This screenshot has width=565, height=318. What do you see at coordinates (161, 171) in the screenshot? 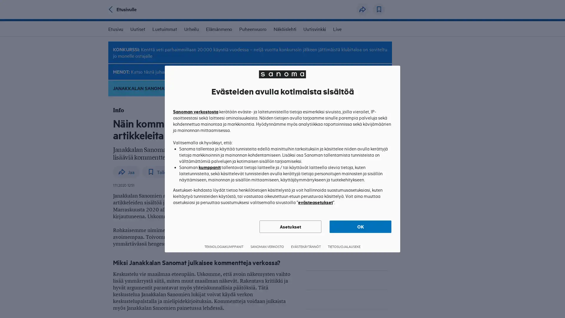
I see `Tallenna` at bounding box center [161, 171].